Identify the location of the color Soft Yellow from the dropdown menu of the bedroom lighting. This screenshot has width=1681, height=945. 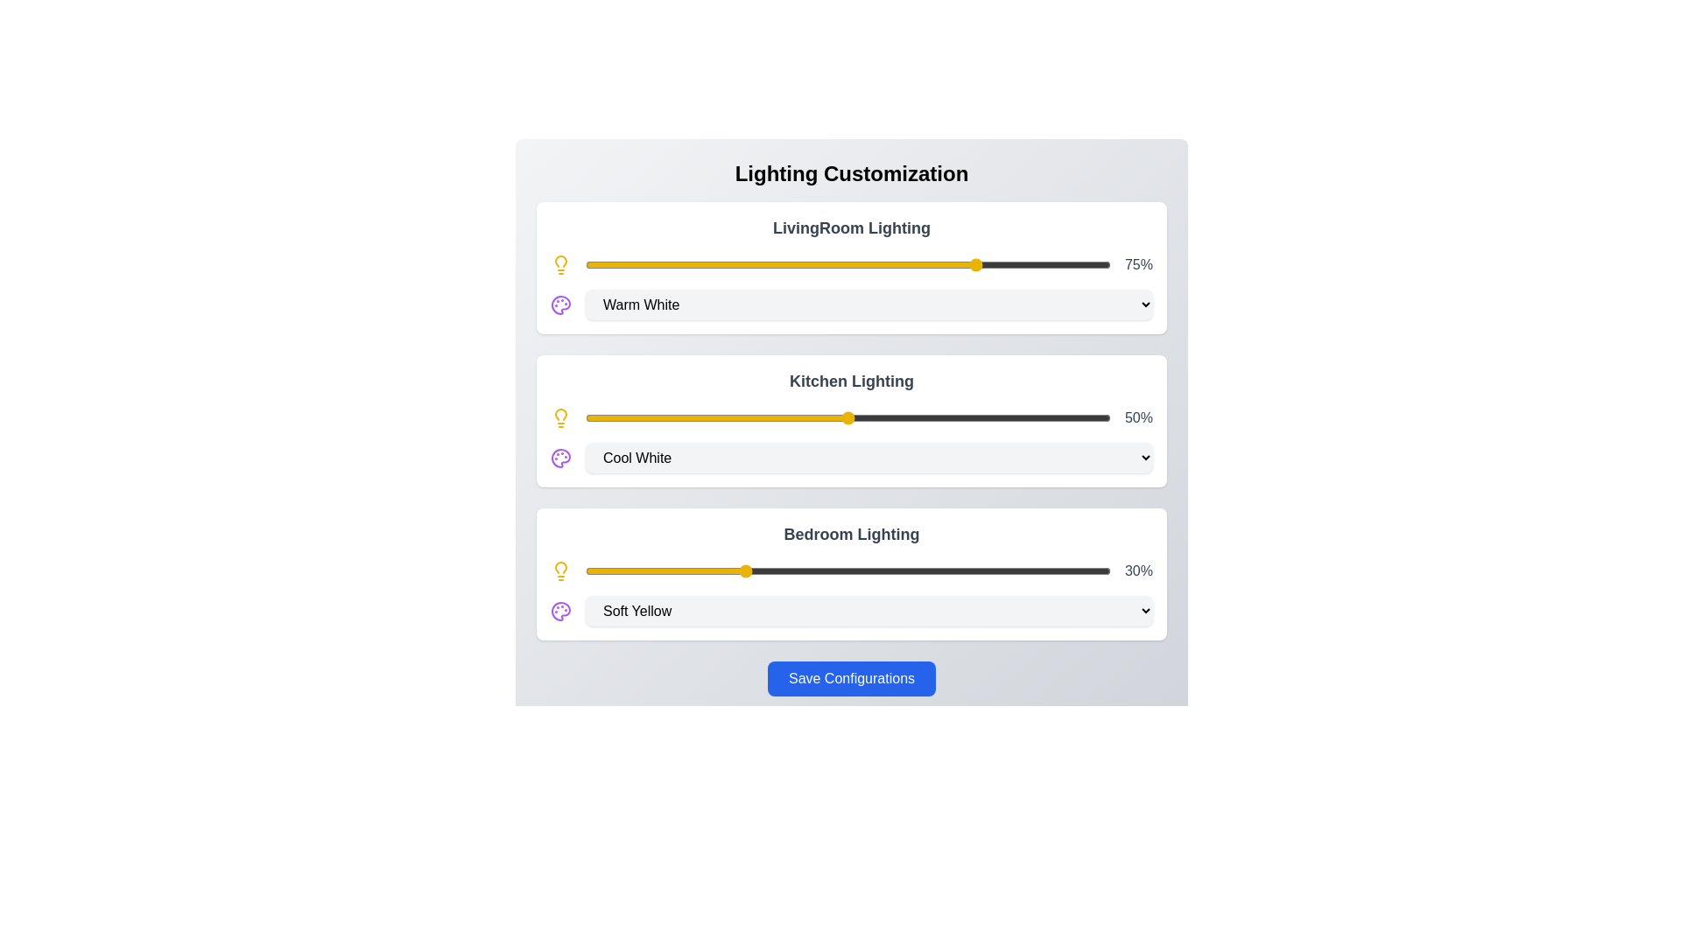
(869, 610).